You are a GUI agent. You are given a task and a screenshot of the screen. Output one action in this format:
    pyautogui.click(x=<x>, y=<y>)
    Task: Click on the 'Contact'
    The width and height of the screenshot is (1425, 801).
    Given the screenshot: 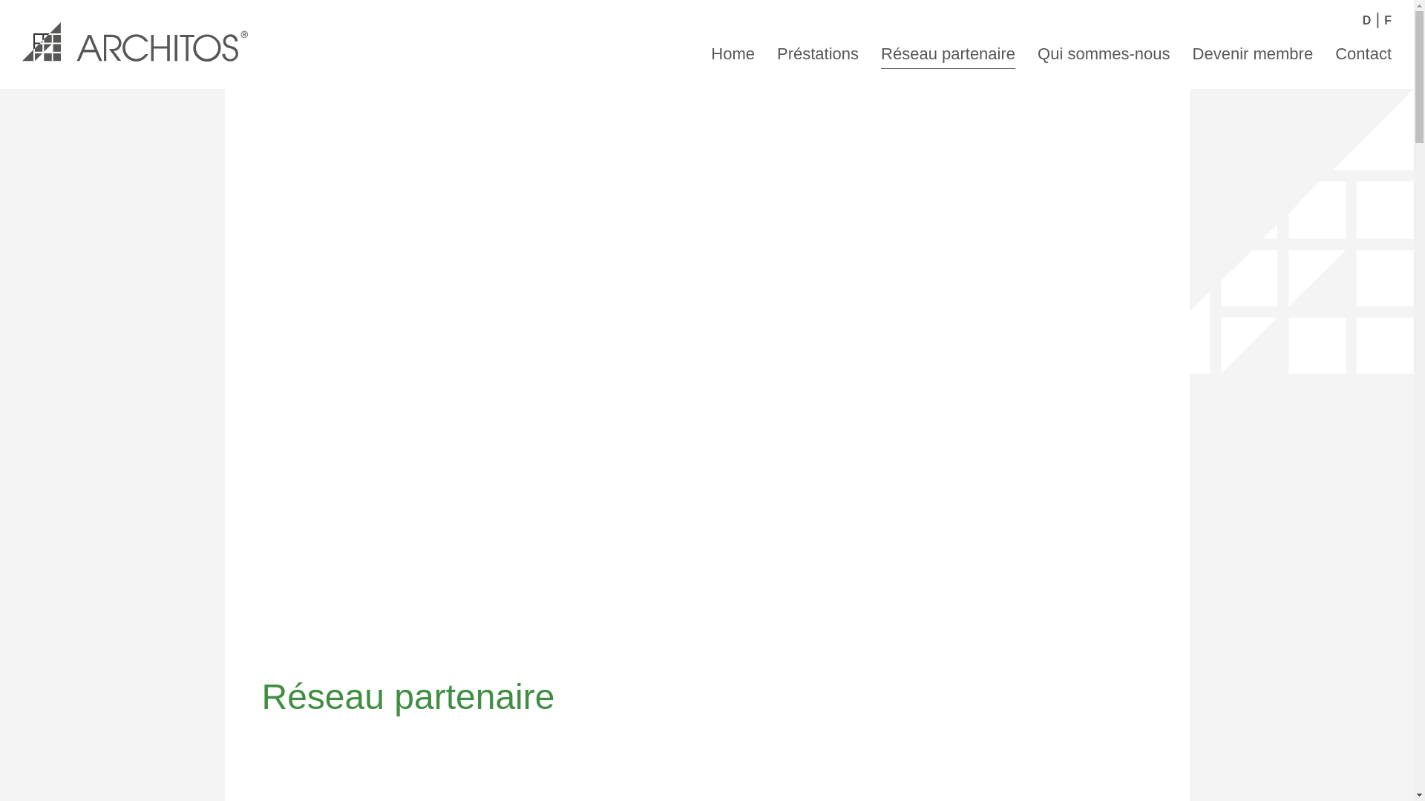 What is the action you would take?
    pyautogui.click(x=1363, y=51)
    